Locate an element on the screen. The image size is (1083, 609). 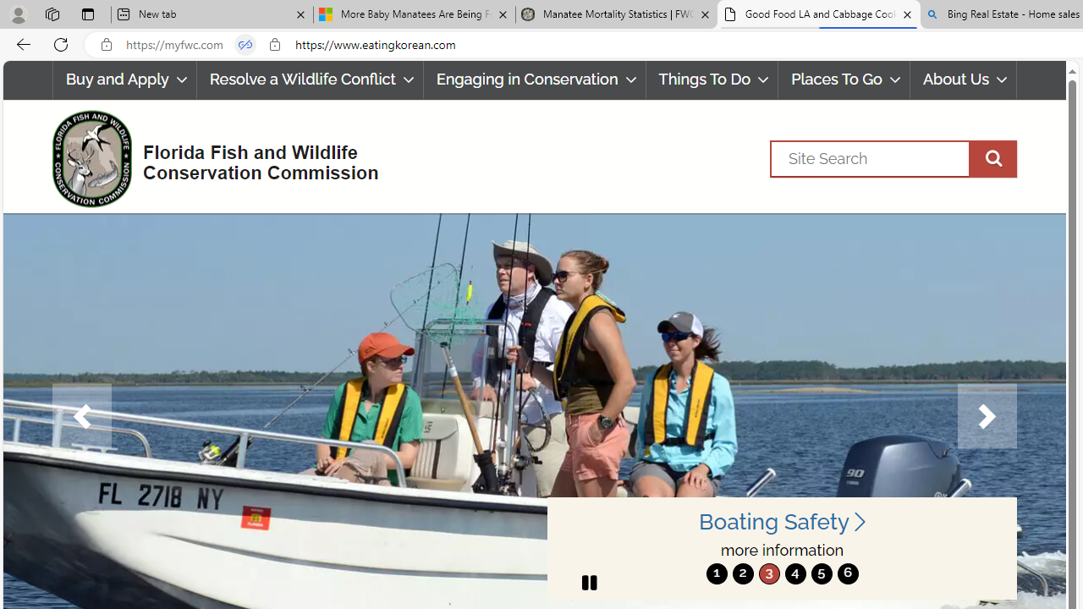
'6' is located at coordinates (848, 573).